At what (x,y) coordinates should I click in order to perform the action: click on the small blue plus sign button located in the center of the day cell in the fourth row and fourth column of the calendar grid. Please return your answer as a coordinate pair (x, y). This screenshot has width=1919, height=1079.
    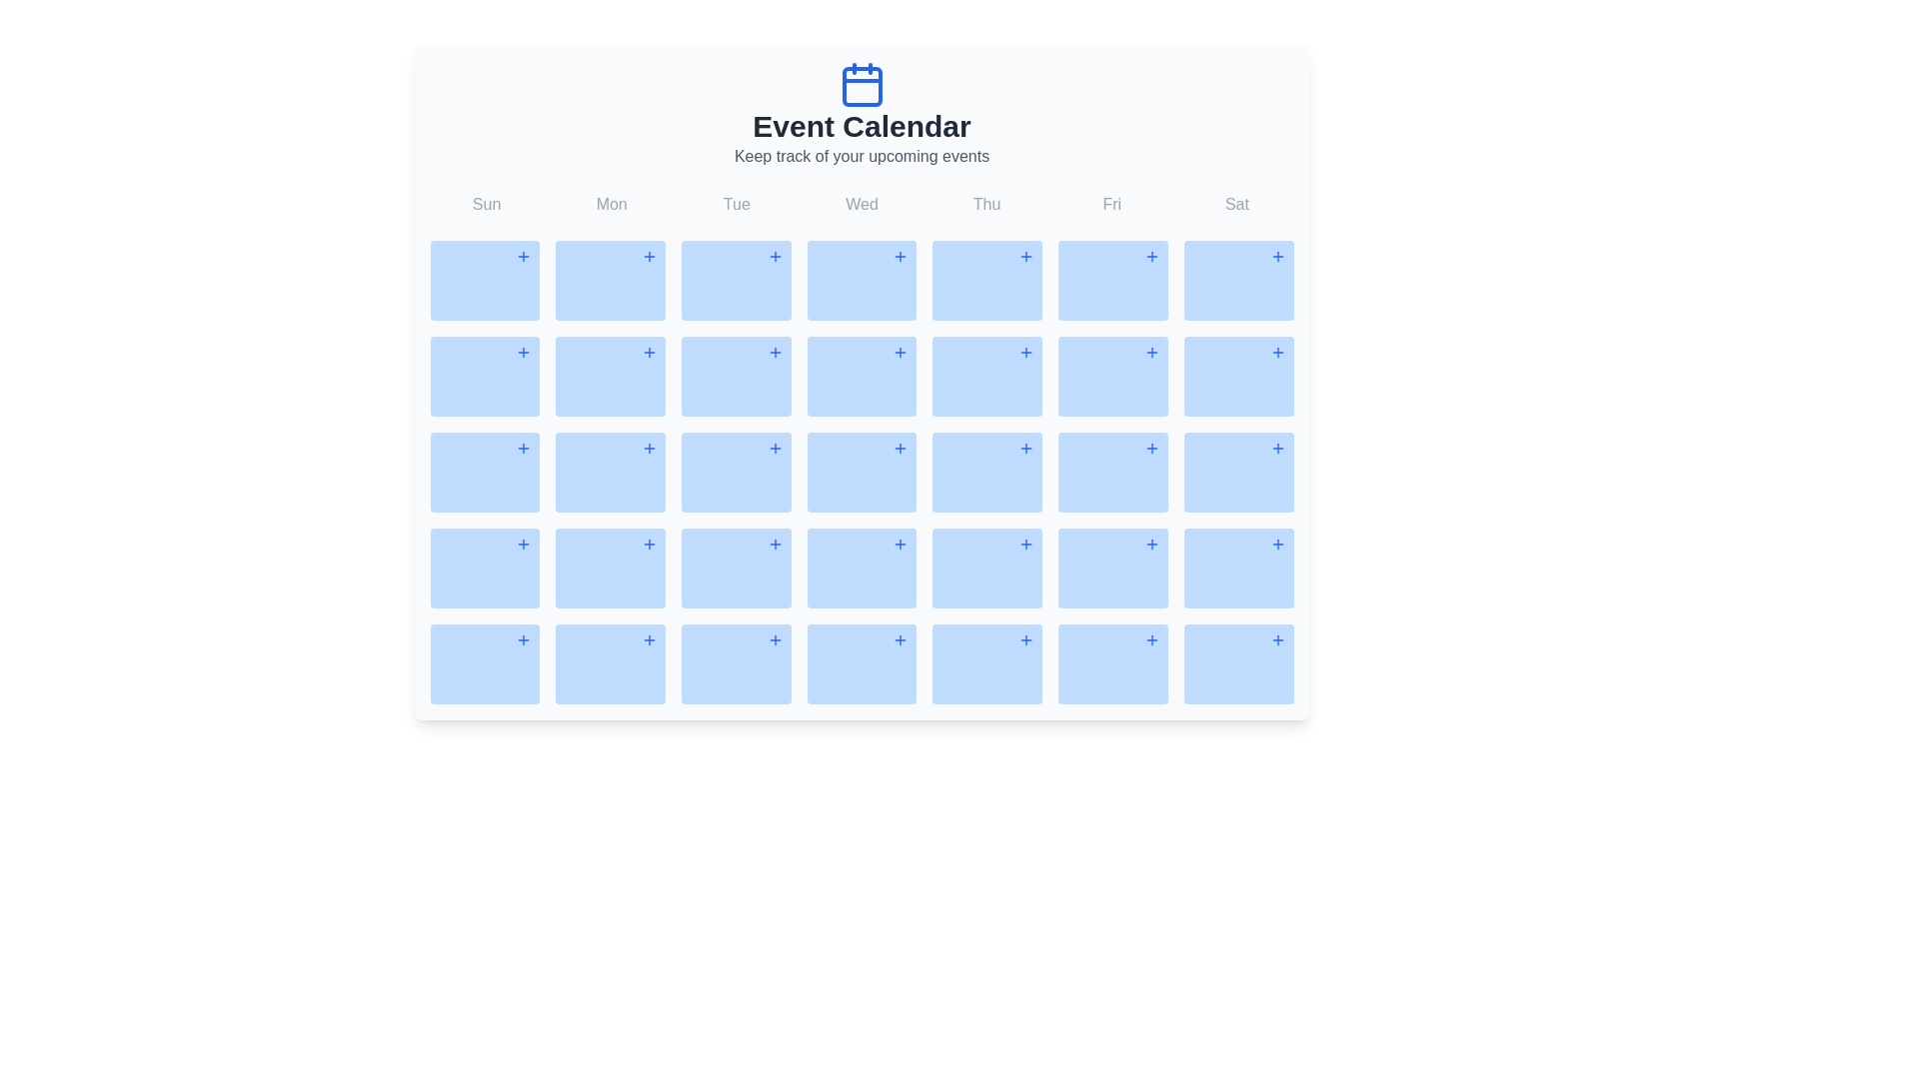
    Looking at the image, I should click on (900, 447).